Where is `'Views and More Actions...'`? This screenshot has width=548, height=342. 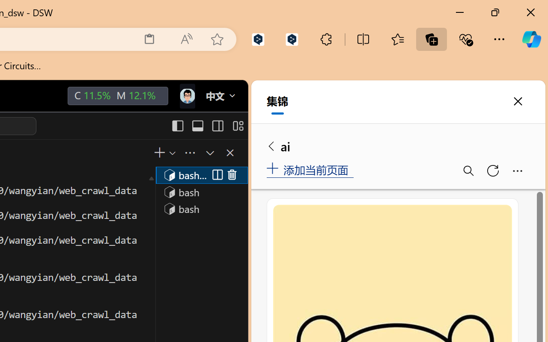
'Views and More Actions...' is located at coordinates (189, 153).